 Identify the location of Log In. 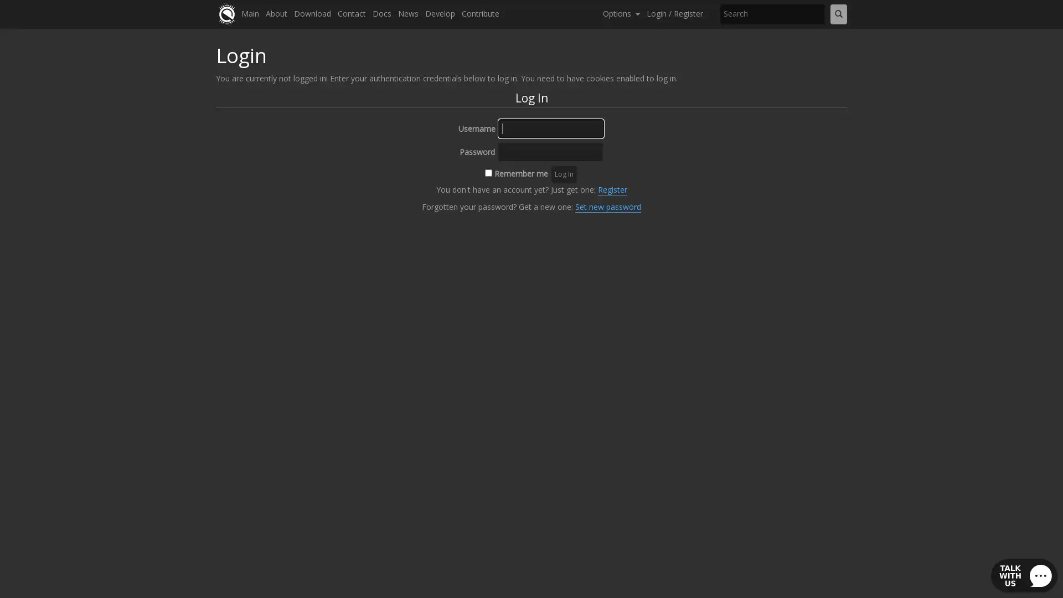
(564, 174).